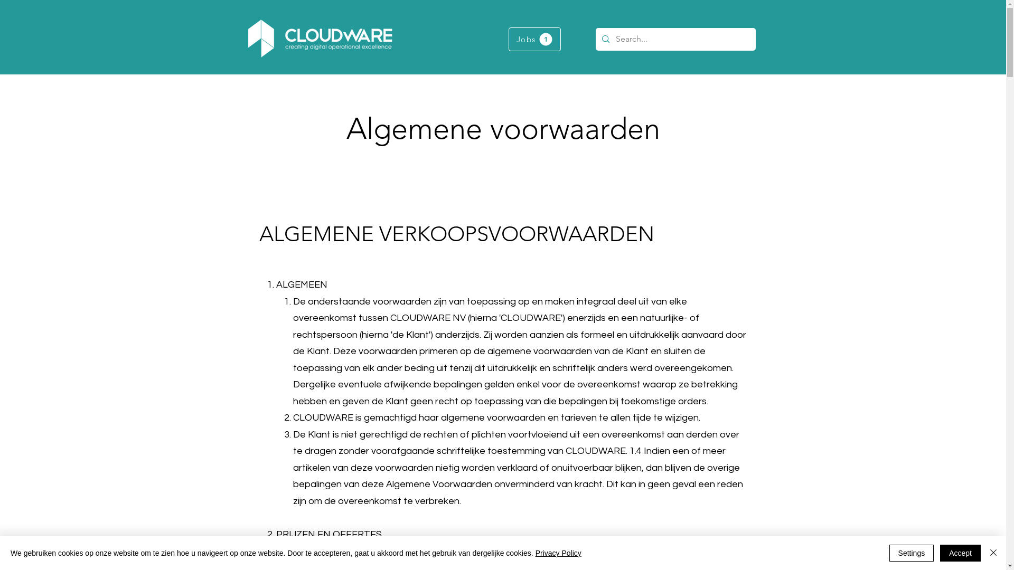  Describe the element at coordinates (318, 38) in the screenshot. I see `'Banner-Cloudware-Wit.png'` at that location.